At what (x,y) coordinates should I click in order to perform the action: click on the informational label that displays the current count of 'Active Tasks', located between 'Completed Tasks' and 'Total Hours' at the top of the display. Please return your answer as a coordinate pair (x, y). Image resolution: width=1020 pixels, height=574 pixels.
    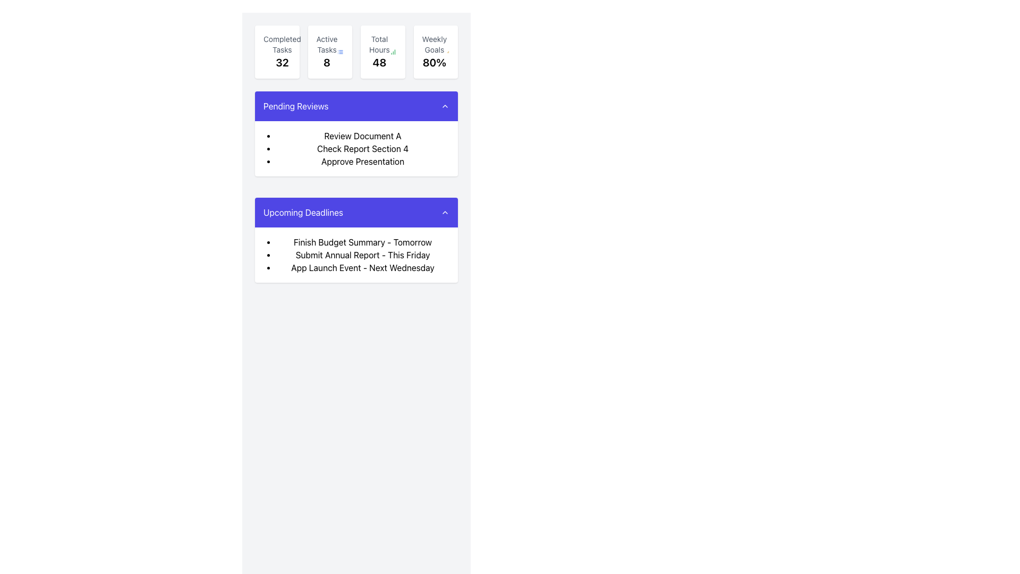
    Looking at the image, I should click on (326, 52).